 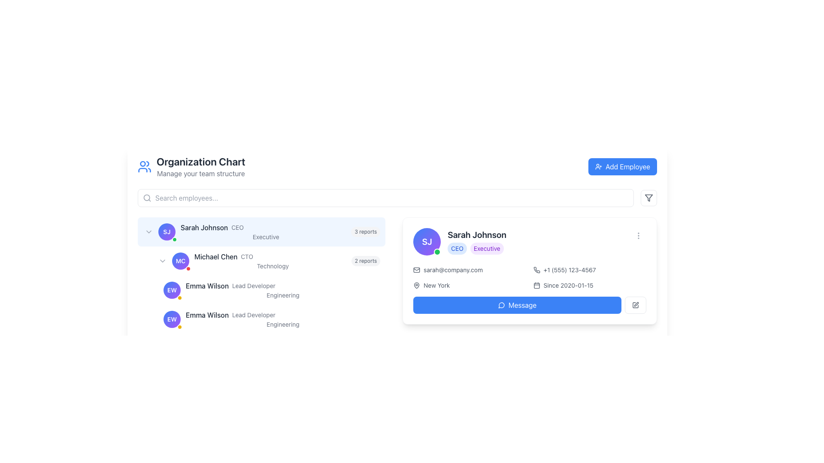 What do you see at coordinates (589, 269) in the screenshot?
I see `the phone number text element located in the right section of the profile card, positioned below the email and above the 'Since' field, aligned with the phone icon` at bounding box center [589, 269].